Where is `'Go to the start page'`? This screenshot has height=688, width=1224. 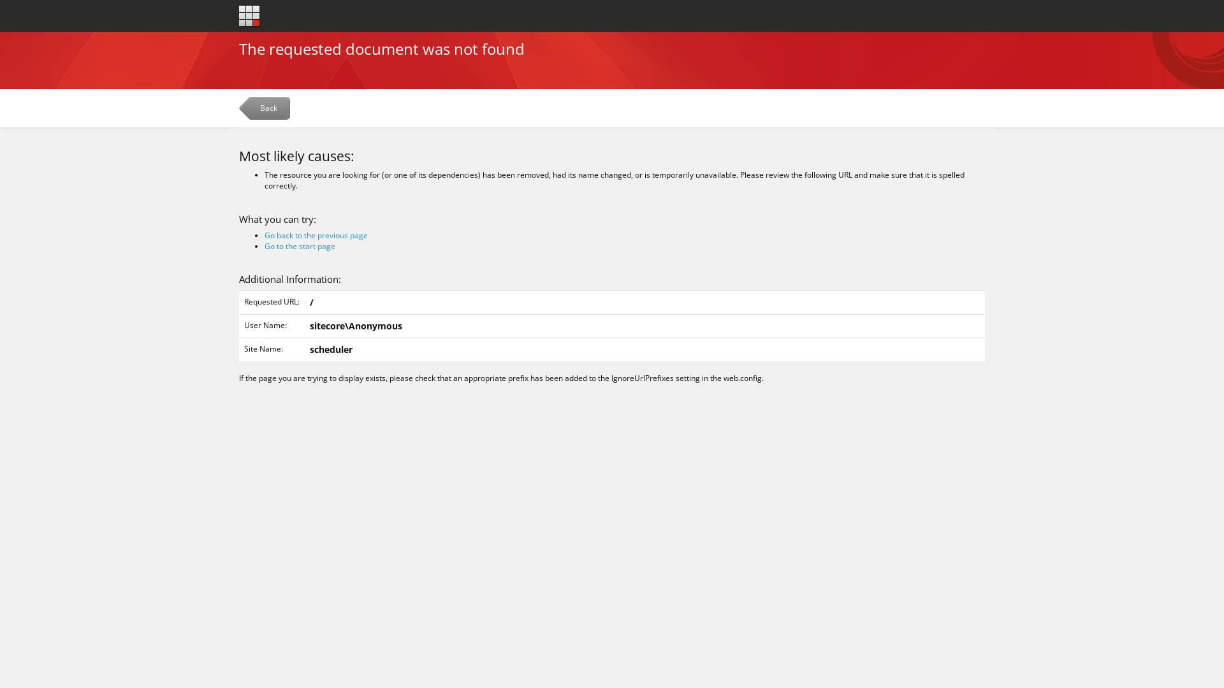
'Go to the start page' is located at coordinates (299, 246).